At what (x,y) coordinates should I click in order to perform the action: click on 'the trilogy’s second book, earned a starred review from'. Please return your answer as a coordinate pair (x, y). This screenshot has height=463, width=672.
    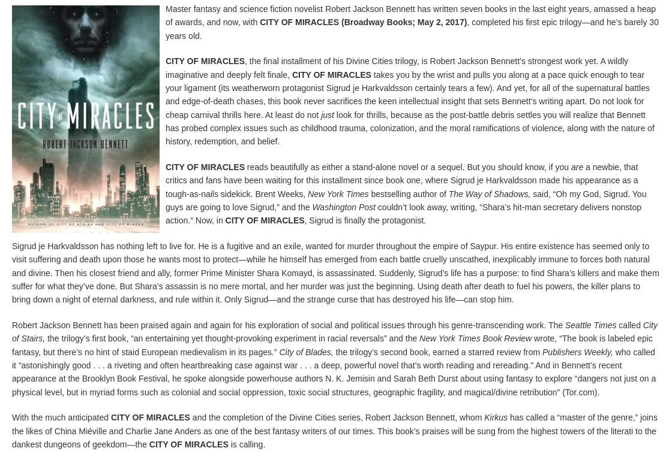
    Looking at the image, I should click on (437, 352).